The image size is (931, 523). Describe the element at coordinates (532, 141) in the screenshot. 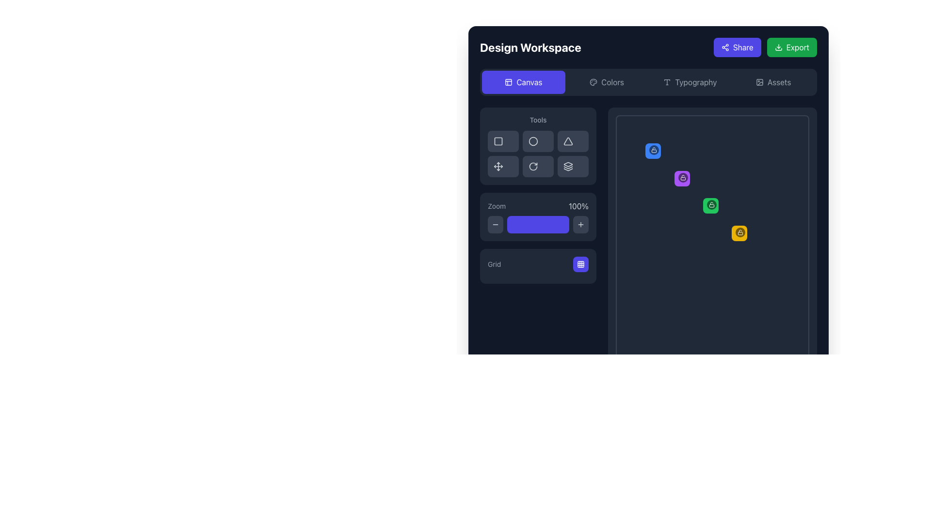

I see `the circular outline icon in the Tools section of the sidebar` at that location.